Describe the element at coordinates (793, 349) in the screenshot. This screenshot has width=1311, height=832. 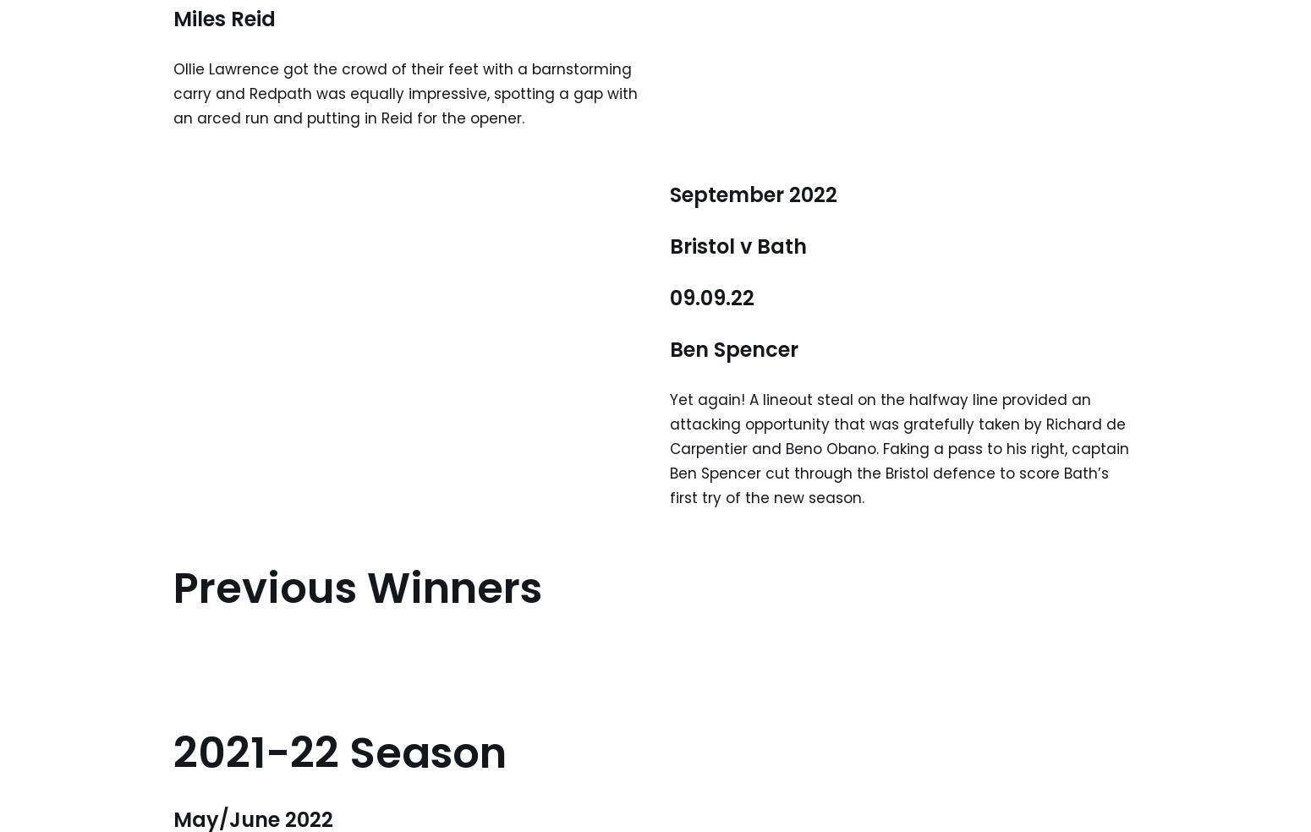
I see `'r'` at that location.